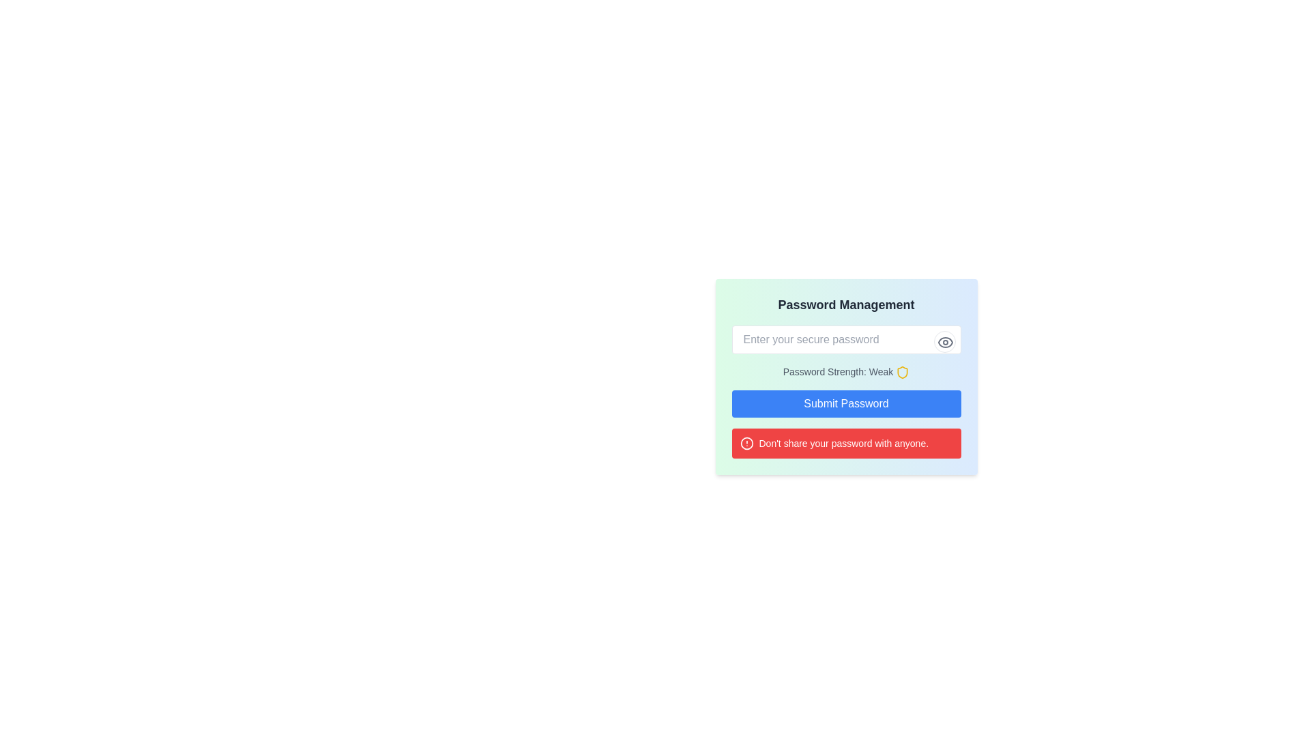 The height and width of the screenshot is (737, 1310). Describe the element at coordinates (845, 372) in the screenshot. I see `the Text Label with Icon that displays 'Password Strength: Weak' and has a yellow shield icon to its right, positioned between the password input field and the submit button` at that location.